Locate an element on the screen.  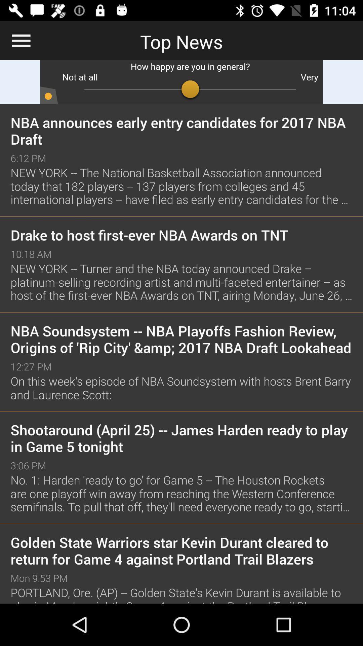
visit advertisement is located at coordinates (182, 82).